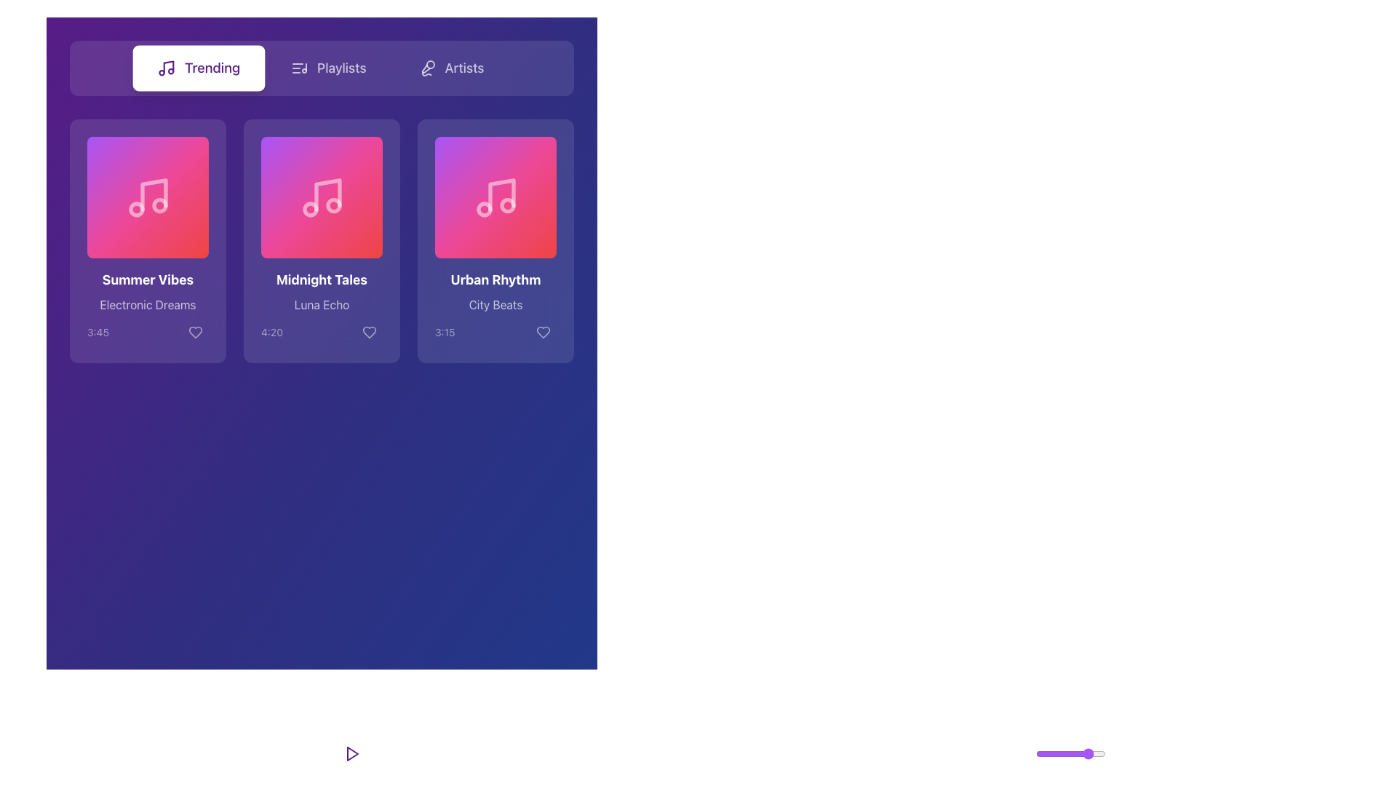 The height and width of the screenshot is (786, 1397). I want to click on the thumbnail representing the music item 'Midnight Tales', so click(321, 197).